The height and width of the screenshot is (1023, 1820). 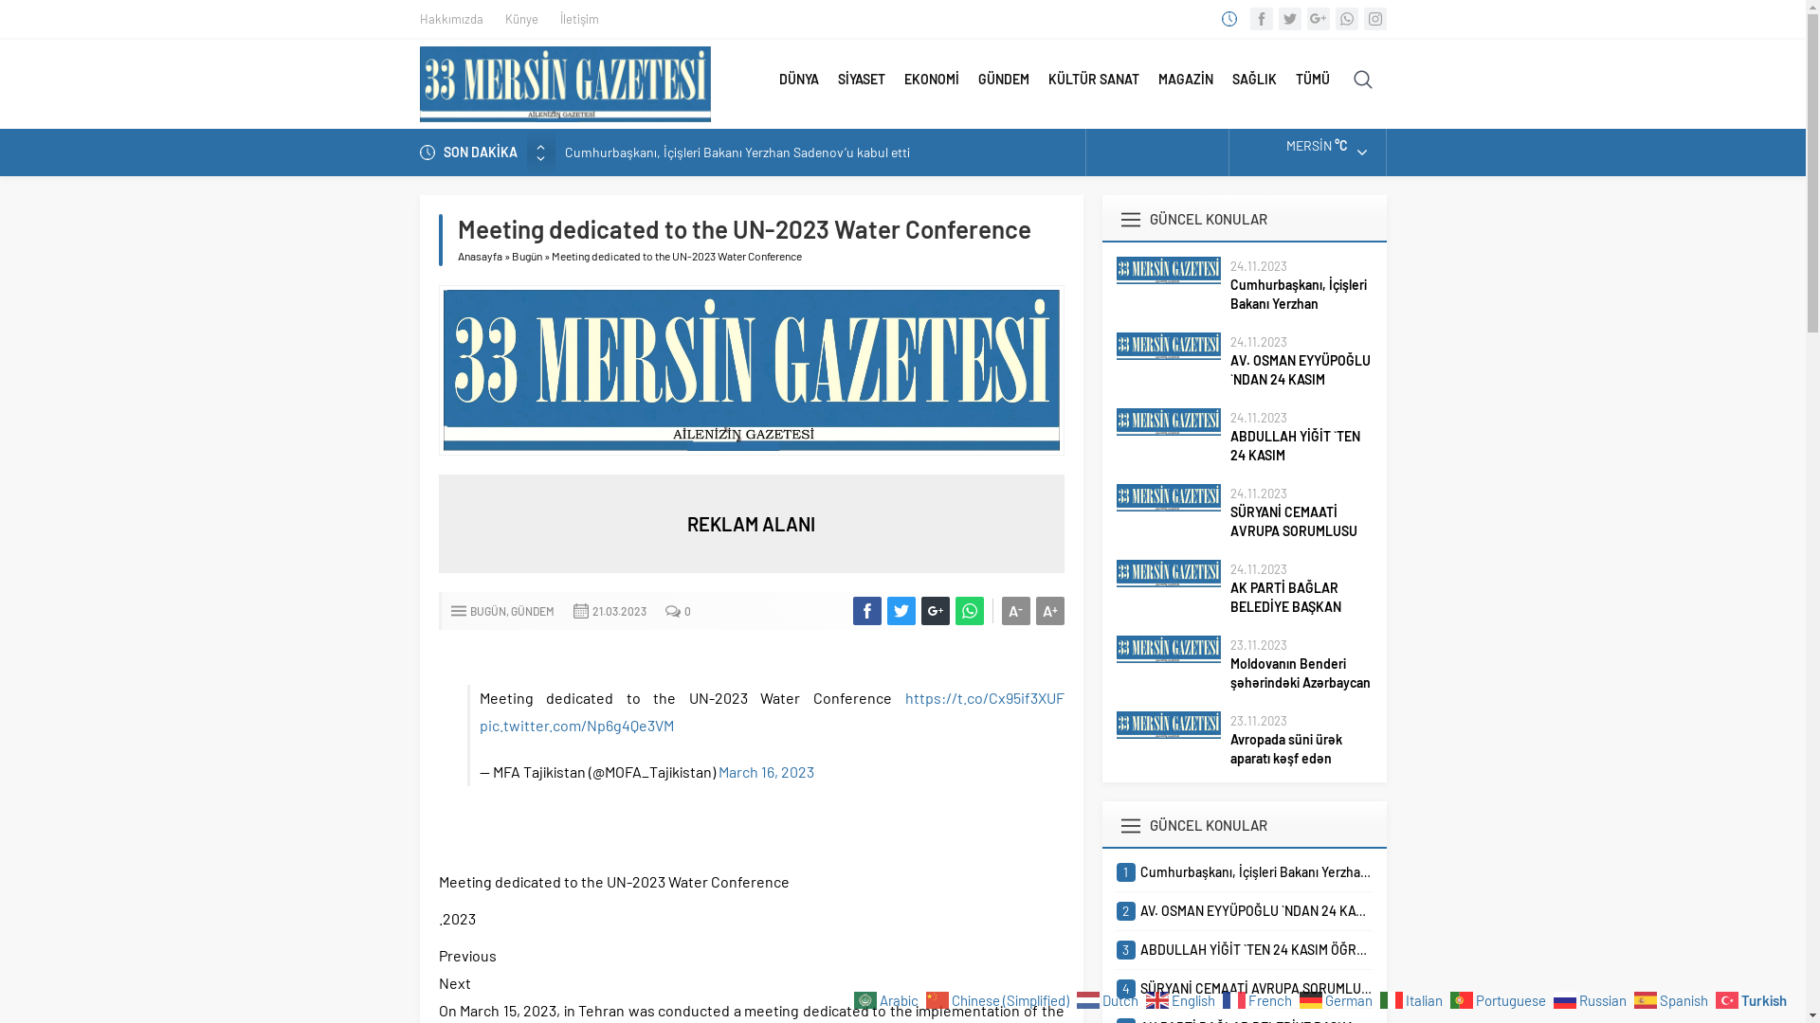 What do you see at coordinates (999, 997) in the screenshot?
I see `'Chinese (Simplified)'` at bounding box center [999, 997].